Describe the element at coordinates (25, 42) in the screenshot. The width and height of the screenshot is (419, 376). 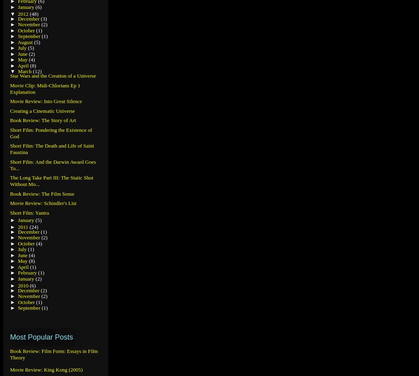
I see `'August'` at that location.